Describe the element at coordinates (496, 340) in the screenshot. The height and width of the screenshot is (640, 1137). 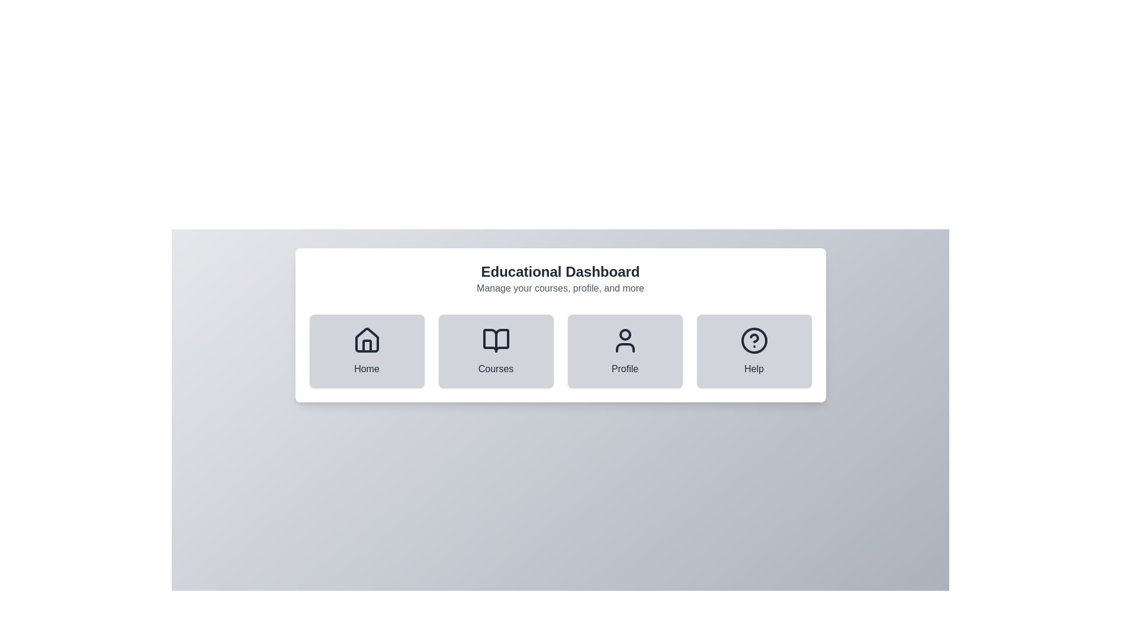
I see `the book icon located at the center-top of the 'Courses' card in the navigation section of the 'Educational Dashboard'` at that location.